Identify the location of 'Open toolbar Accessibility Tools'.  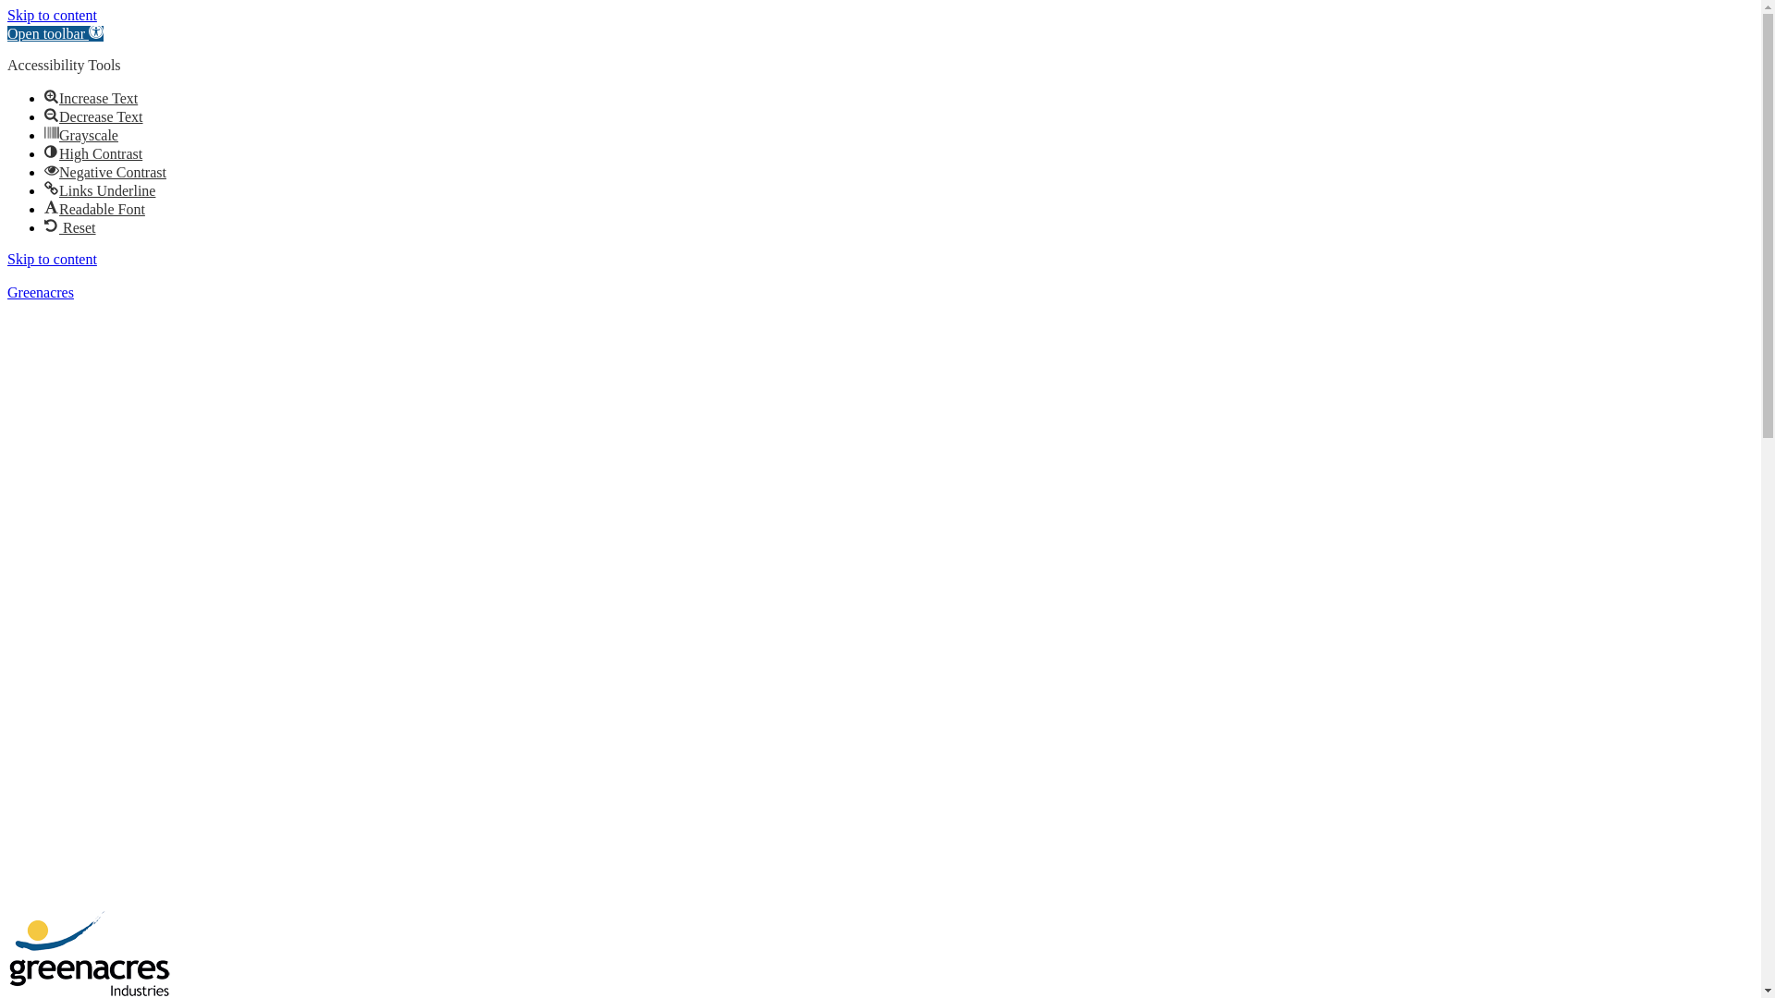
(55, 33).